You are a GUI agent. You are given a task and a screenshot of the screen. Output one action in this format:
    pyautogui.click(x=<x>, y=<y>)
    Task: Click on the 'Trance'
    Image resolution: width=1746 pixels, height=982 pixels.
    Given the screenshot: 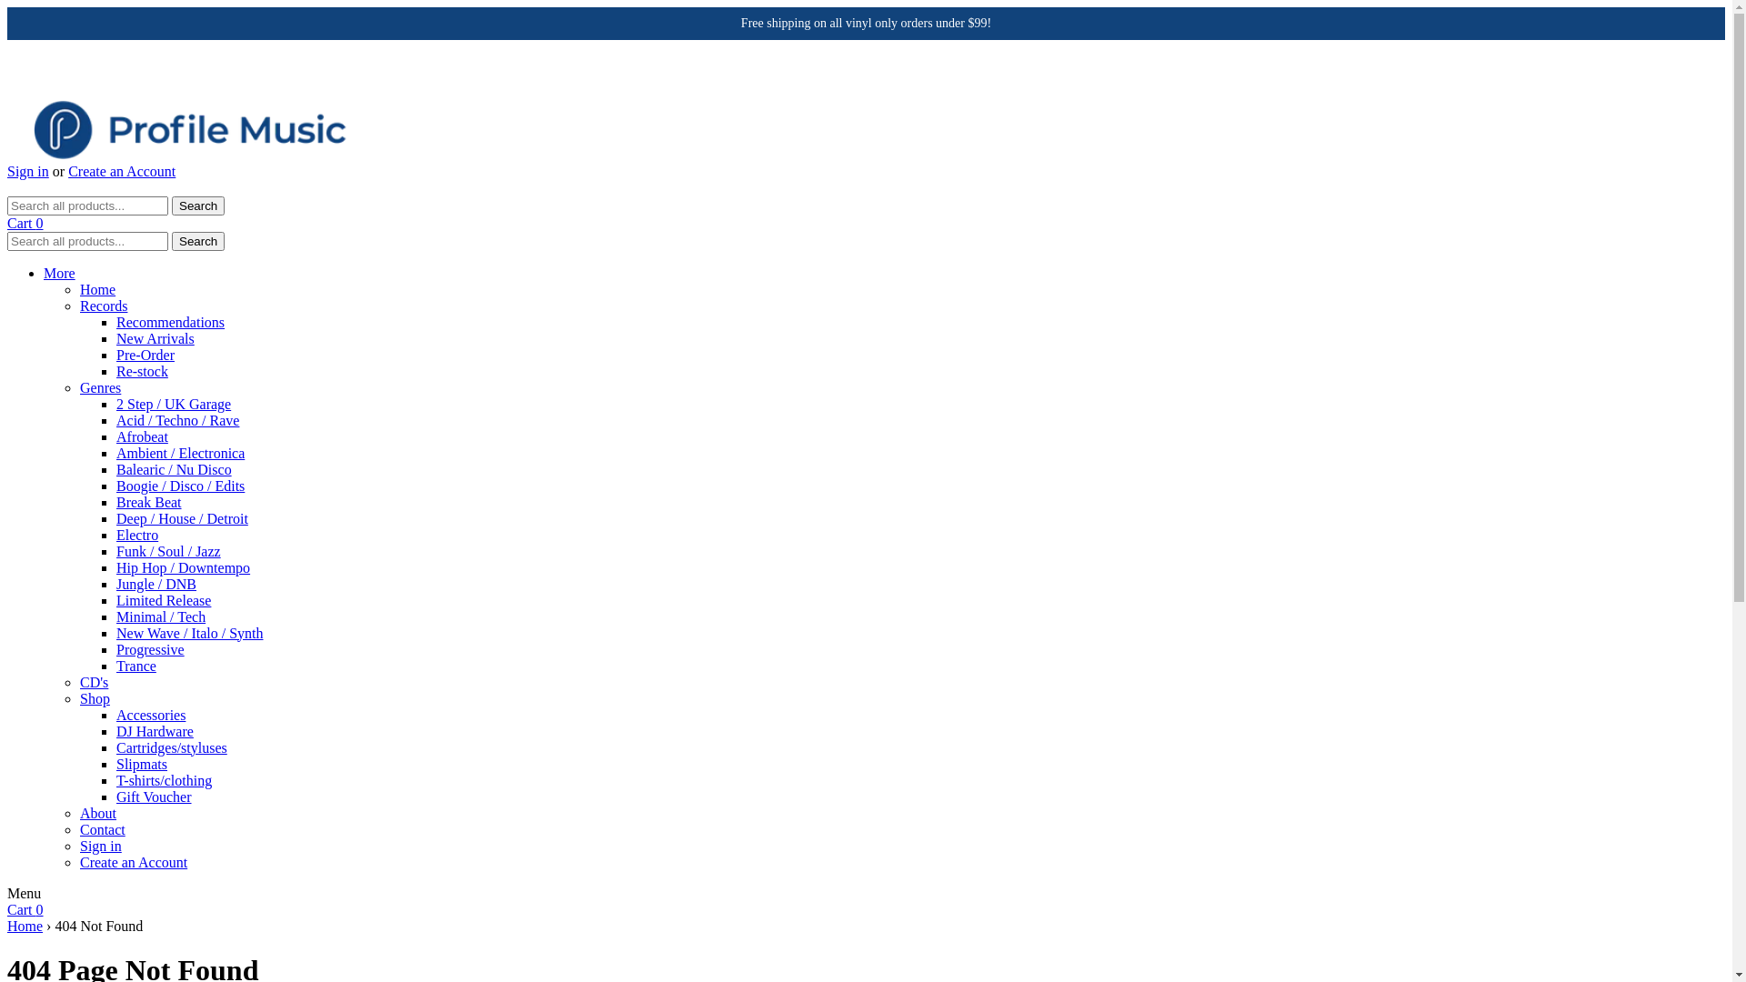 What is the action you would take?
    pyautogui.click(x=135, y=666)
    